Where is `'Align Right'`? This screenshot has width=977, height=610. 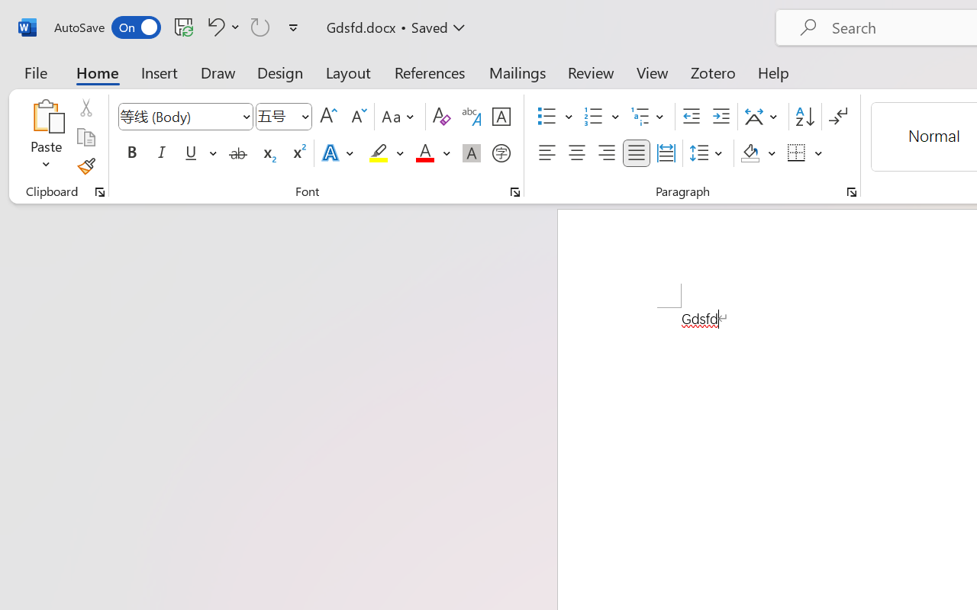
'Align Right' is located at coordinates (605, 153).